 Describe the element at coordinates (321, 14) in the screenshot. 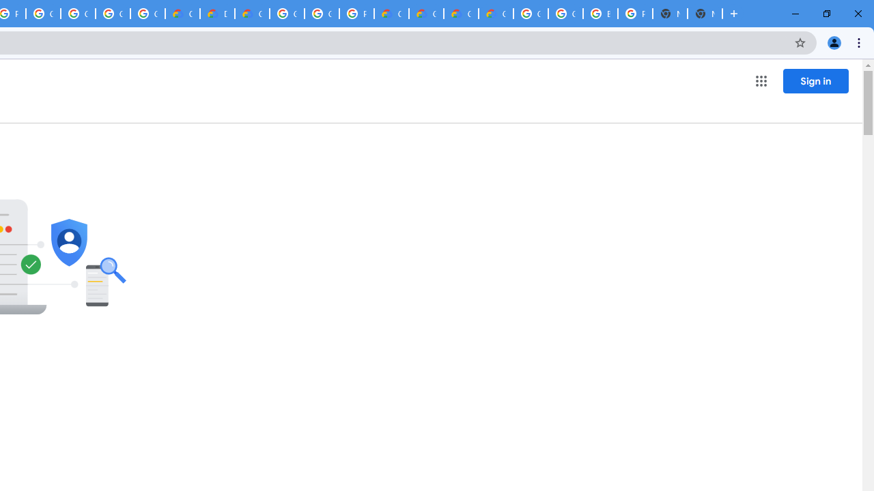

I see `'Google Cloud Platform'` at that location.